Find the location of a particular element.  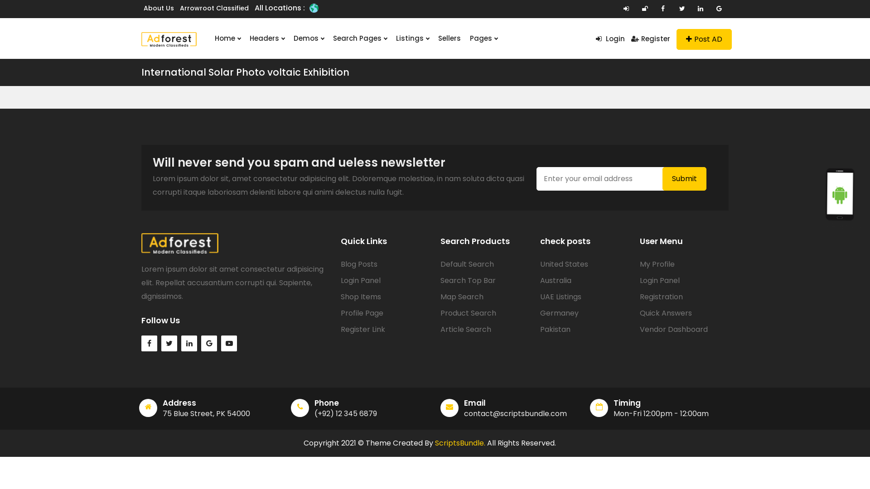

'Android App' is located at coordinates (841, 196).